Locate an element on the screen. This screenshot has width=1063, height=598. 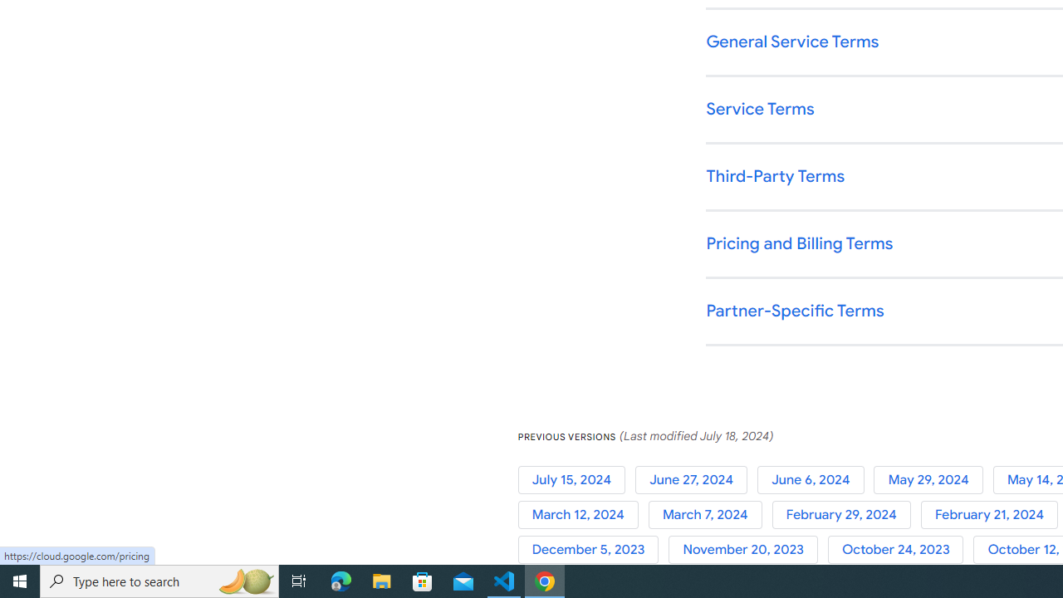
'October 24, 2023' is located at coordinates (899, 550).